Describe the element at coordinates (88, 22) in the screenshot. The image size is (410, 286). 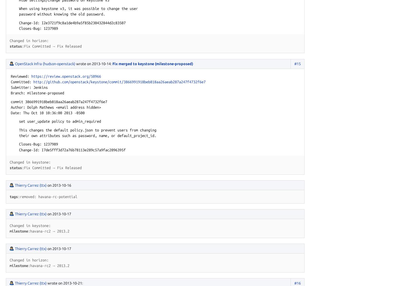
I see `'4b9a5f85b230432'` at that location.